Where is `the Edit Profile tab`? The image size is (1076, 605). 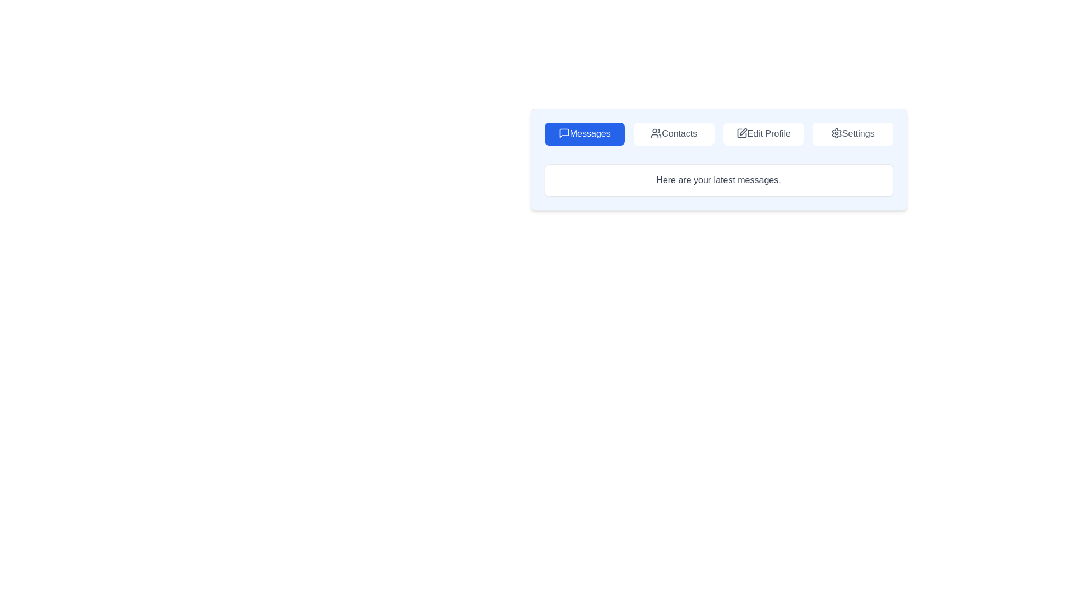
the Edit Profile tab is located at coordinates (763, 133).